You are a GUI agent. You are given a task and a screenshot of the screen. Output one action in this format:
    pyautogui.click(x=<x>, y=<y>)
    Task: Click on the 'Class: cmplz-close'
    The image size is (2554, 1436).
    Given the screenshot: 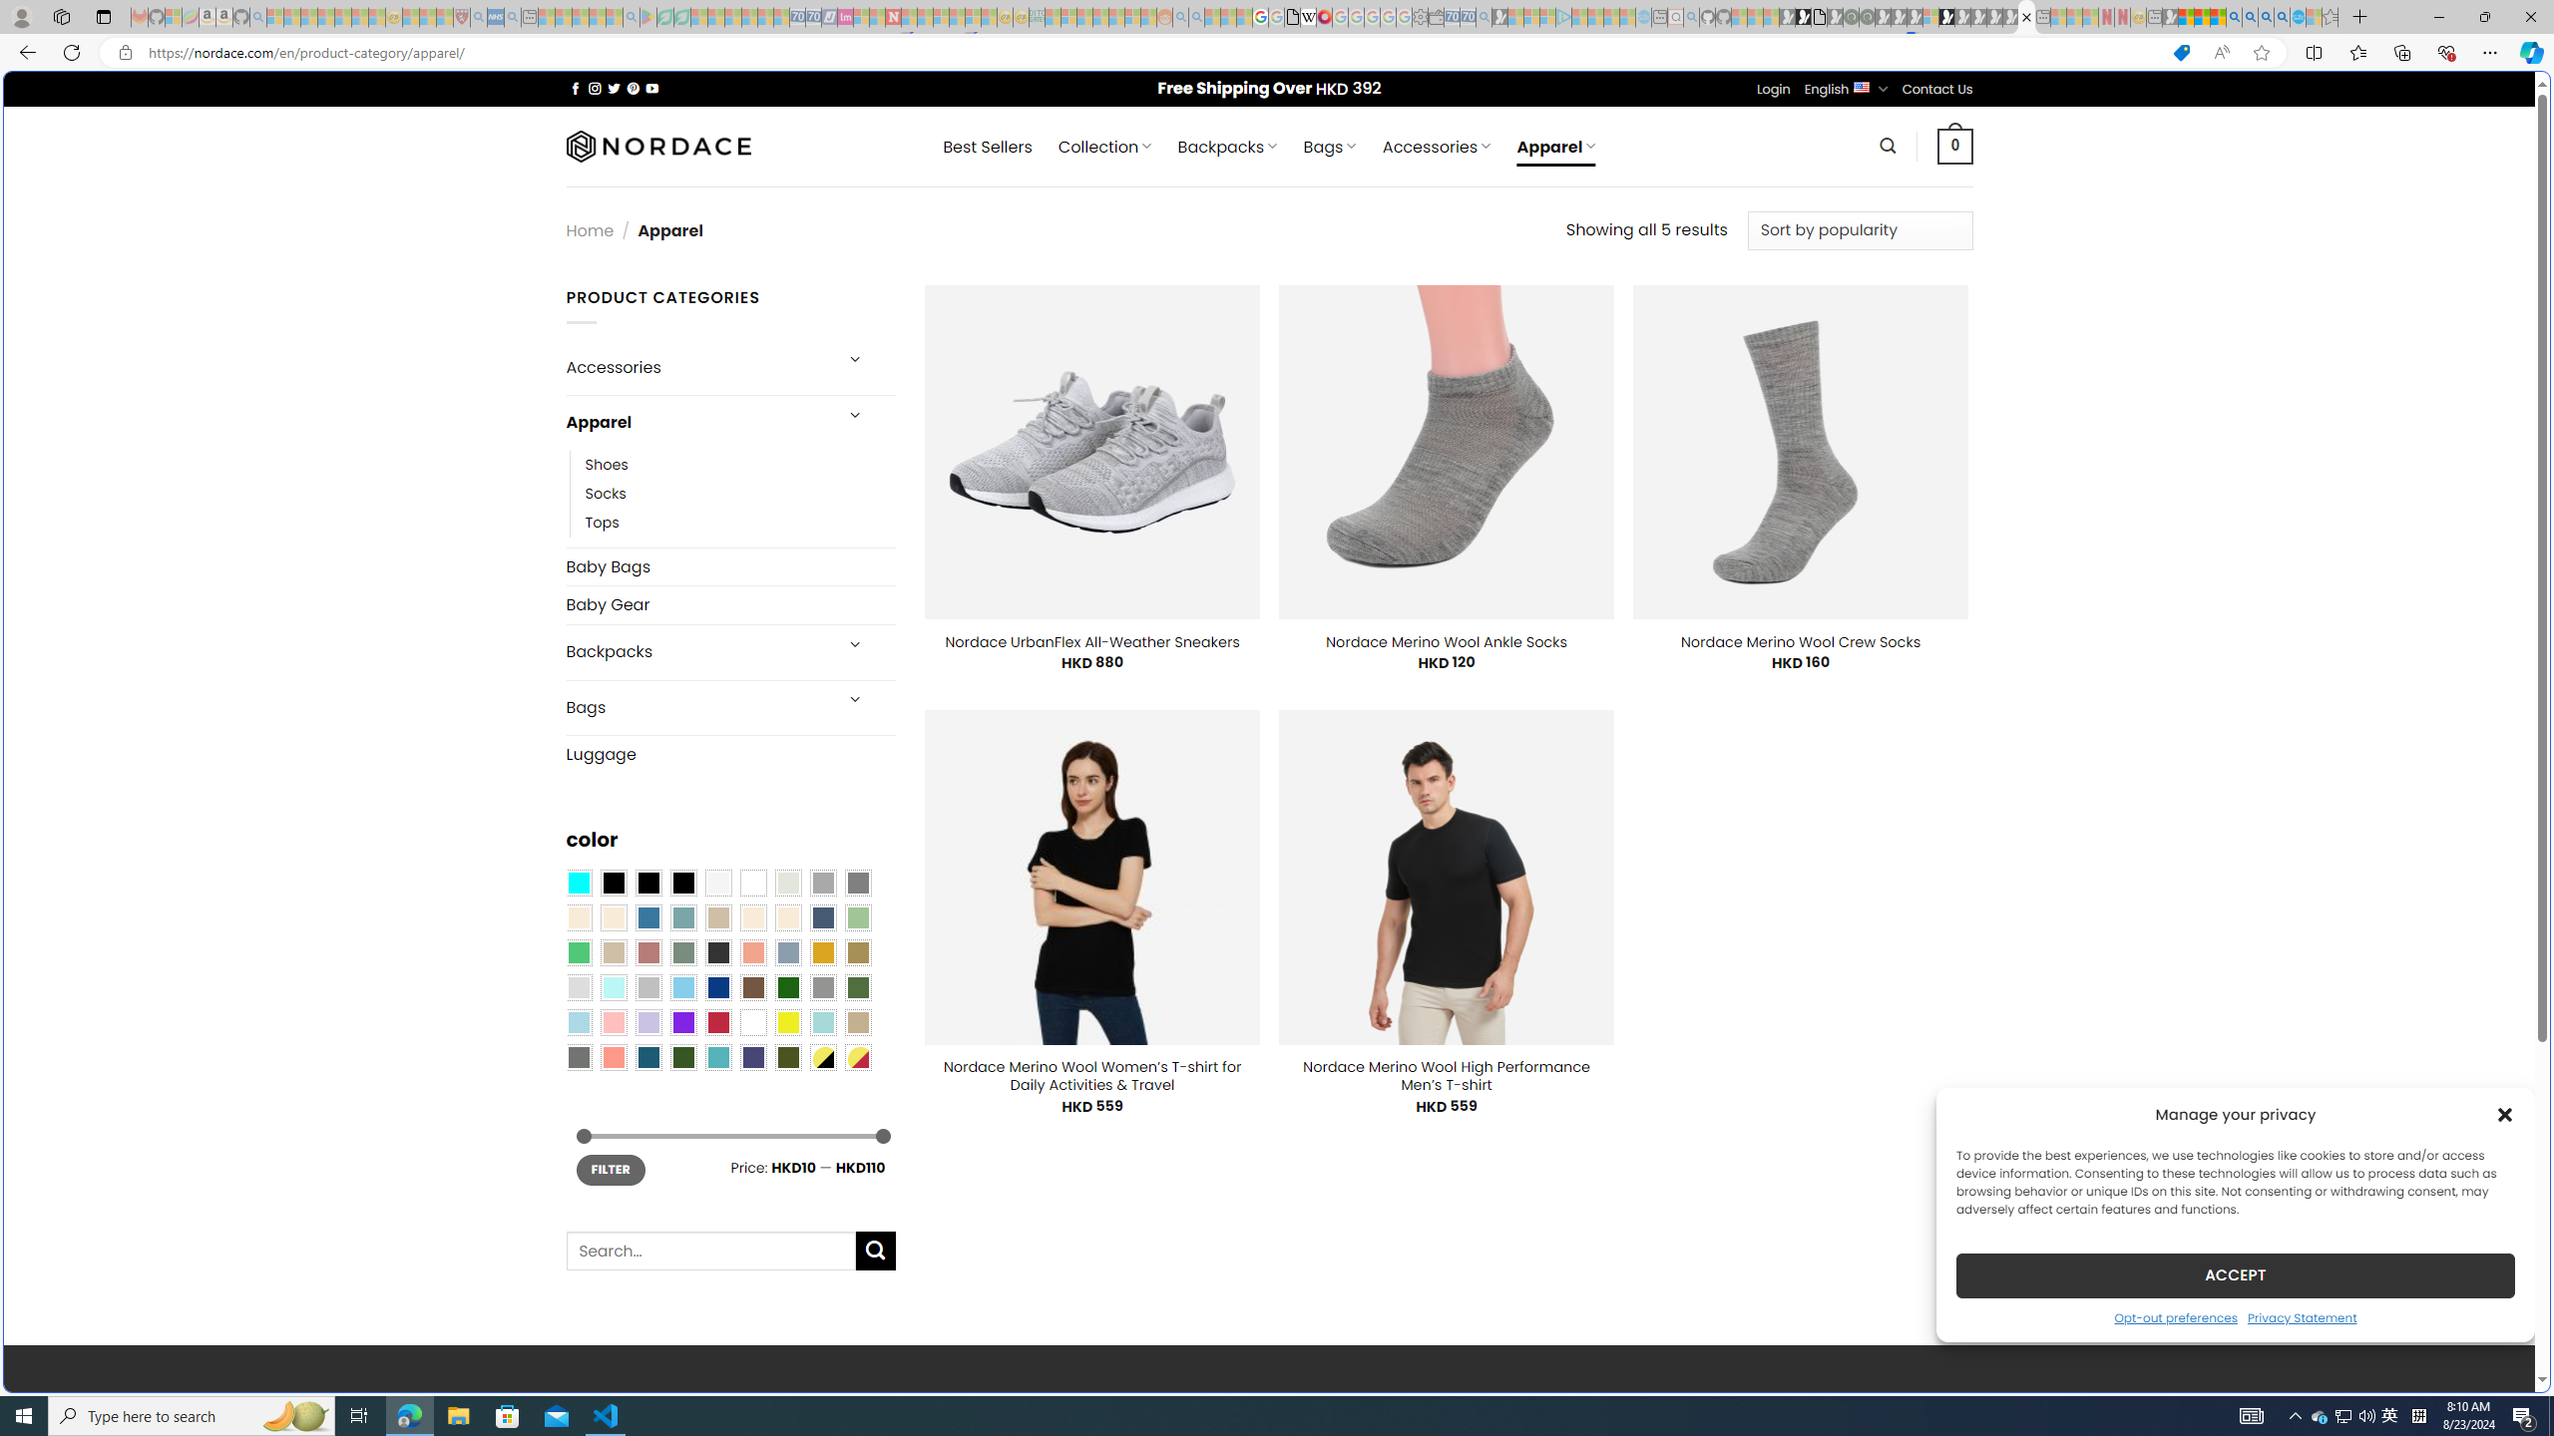 What is the action you would take?
    pyautogui.click(x=2505, y=1114)
    